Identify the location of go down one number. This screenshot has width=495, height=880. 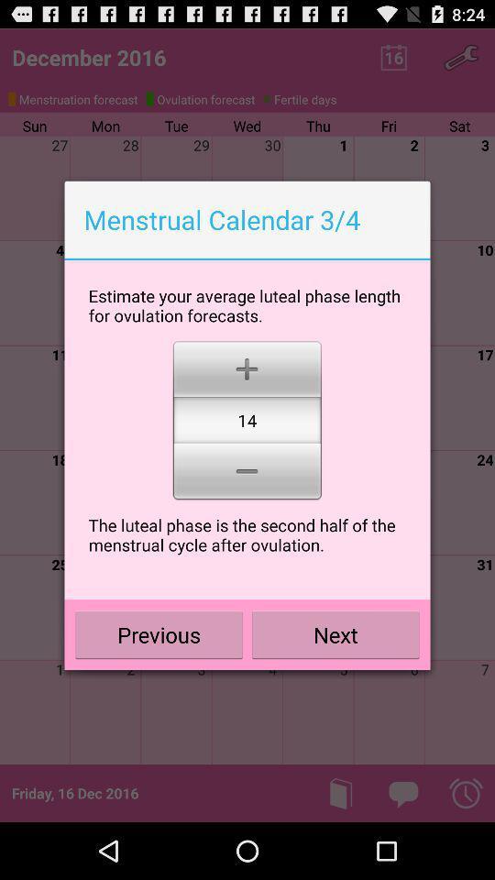
(247, 472).